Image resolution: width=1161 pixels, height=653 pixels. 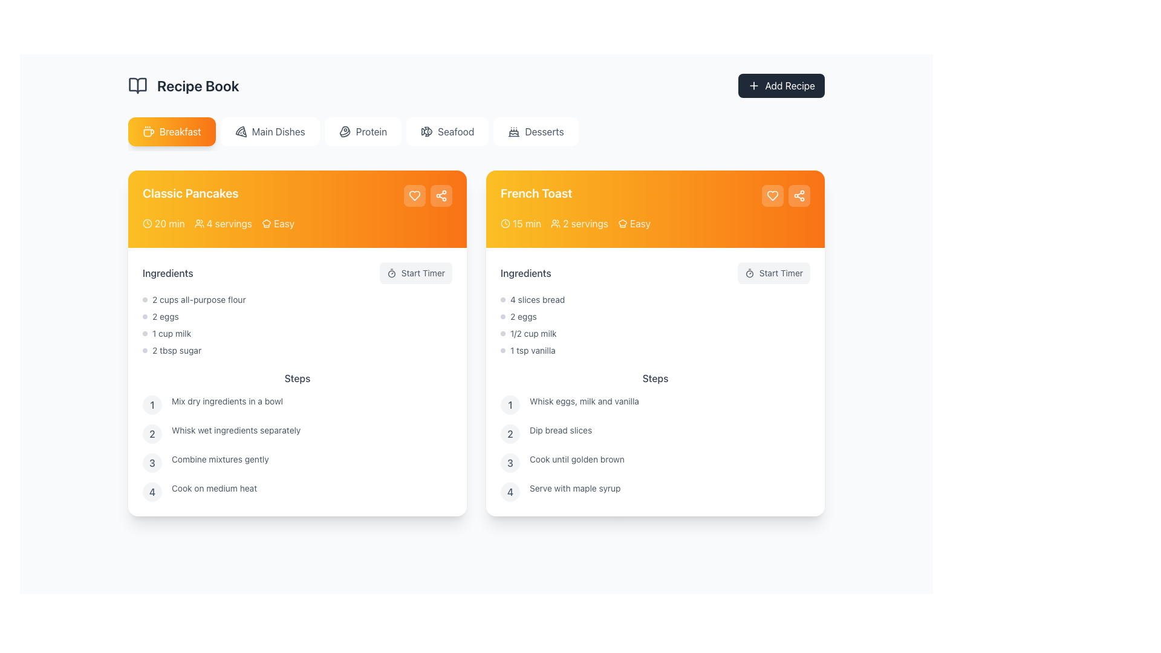 What do you see at coordinates (655, 377) in the screenshot?
I see `the 'Steps' text label in the French Toast recipe card, which displays the word 'Steps' in medium gray font above the numbered instructions` at bounding box center [655, 377].